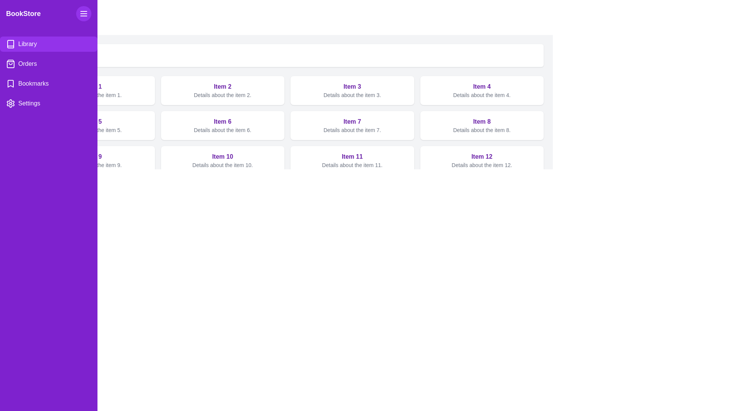  I want to click on the Display Card that shows information about 'Item 11', which is the eleventh card in a grid layout, so click(352, 160).